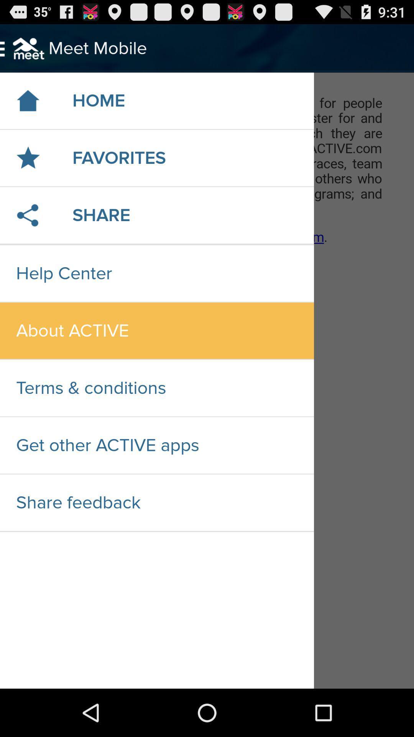 This screenshot has height=737, width=414. I want to click on the share feedback icon, so click(156, 502).